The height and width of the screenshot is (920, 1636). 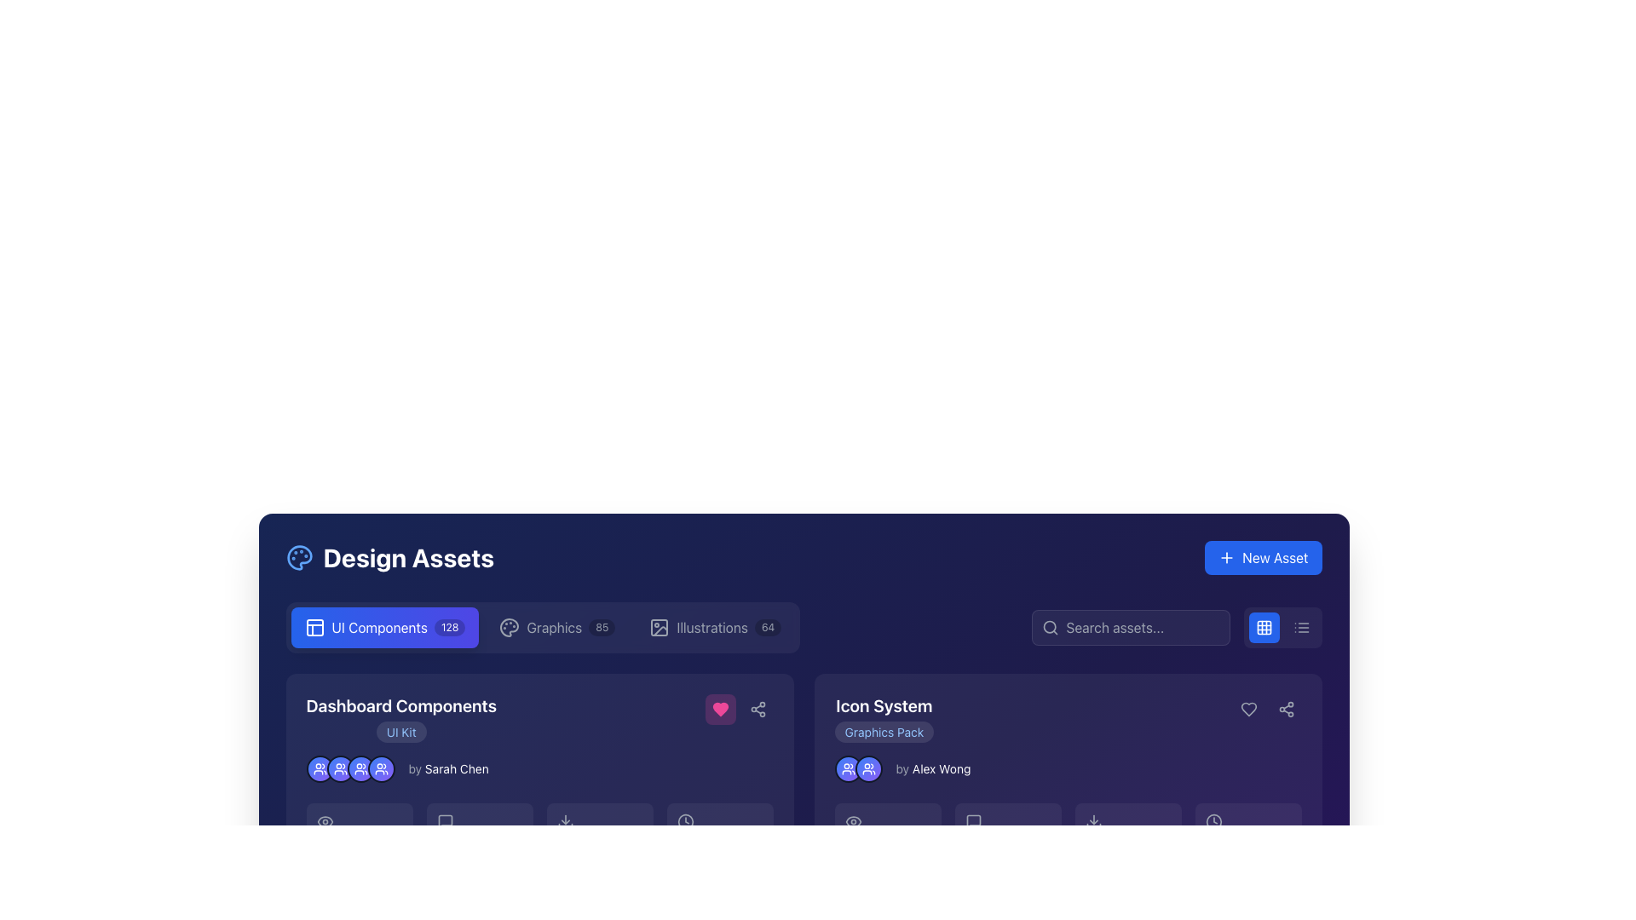 What do you see at coordinates (509, 627) in the screenshot?
I see `the leftmost icon in the 'Graphics 85' section, which visually represents the 'Graphics' category for quick reference` at bounding box center [509, 627].